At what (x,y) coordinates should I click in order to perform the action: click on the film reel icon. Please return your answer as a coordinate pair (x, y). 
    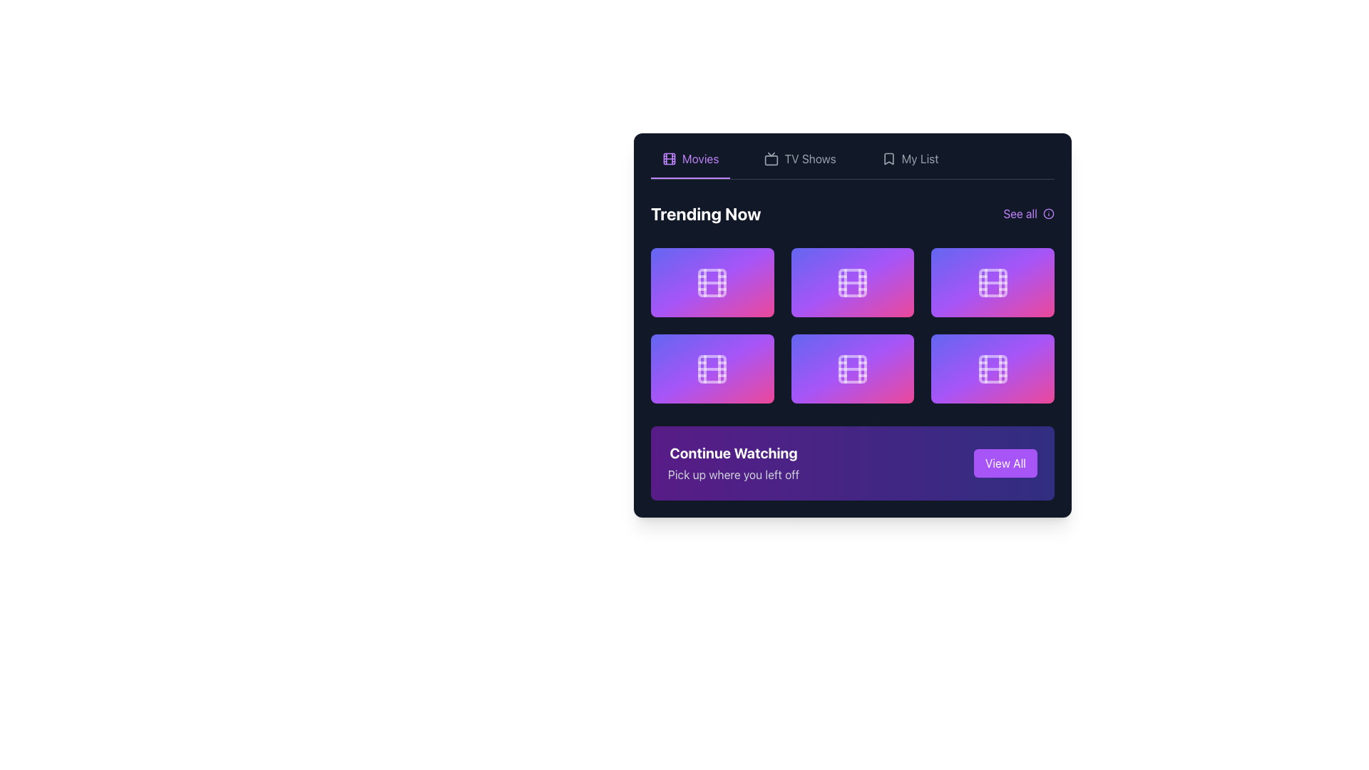
    Looking at the image, I should click on (992, 368).